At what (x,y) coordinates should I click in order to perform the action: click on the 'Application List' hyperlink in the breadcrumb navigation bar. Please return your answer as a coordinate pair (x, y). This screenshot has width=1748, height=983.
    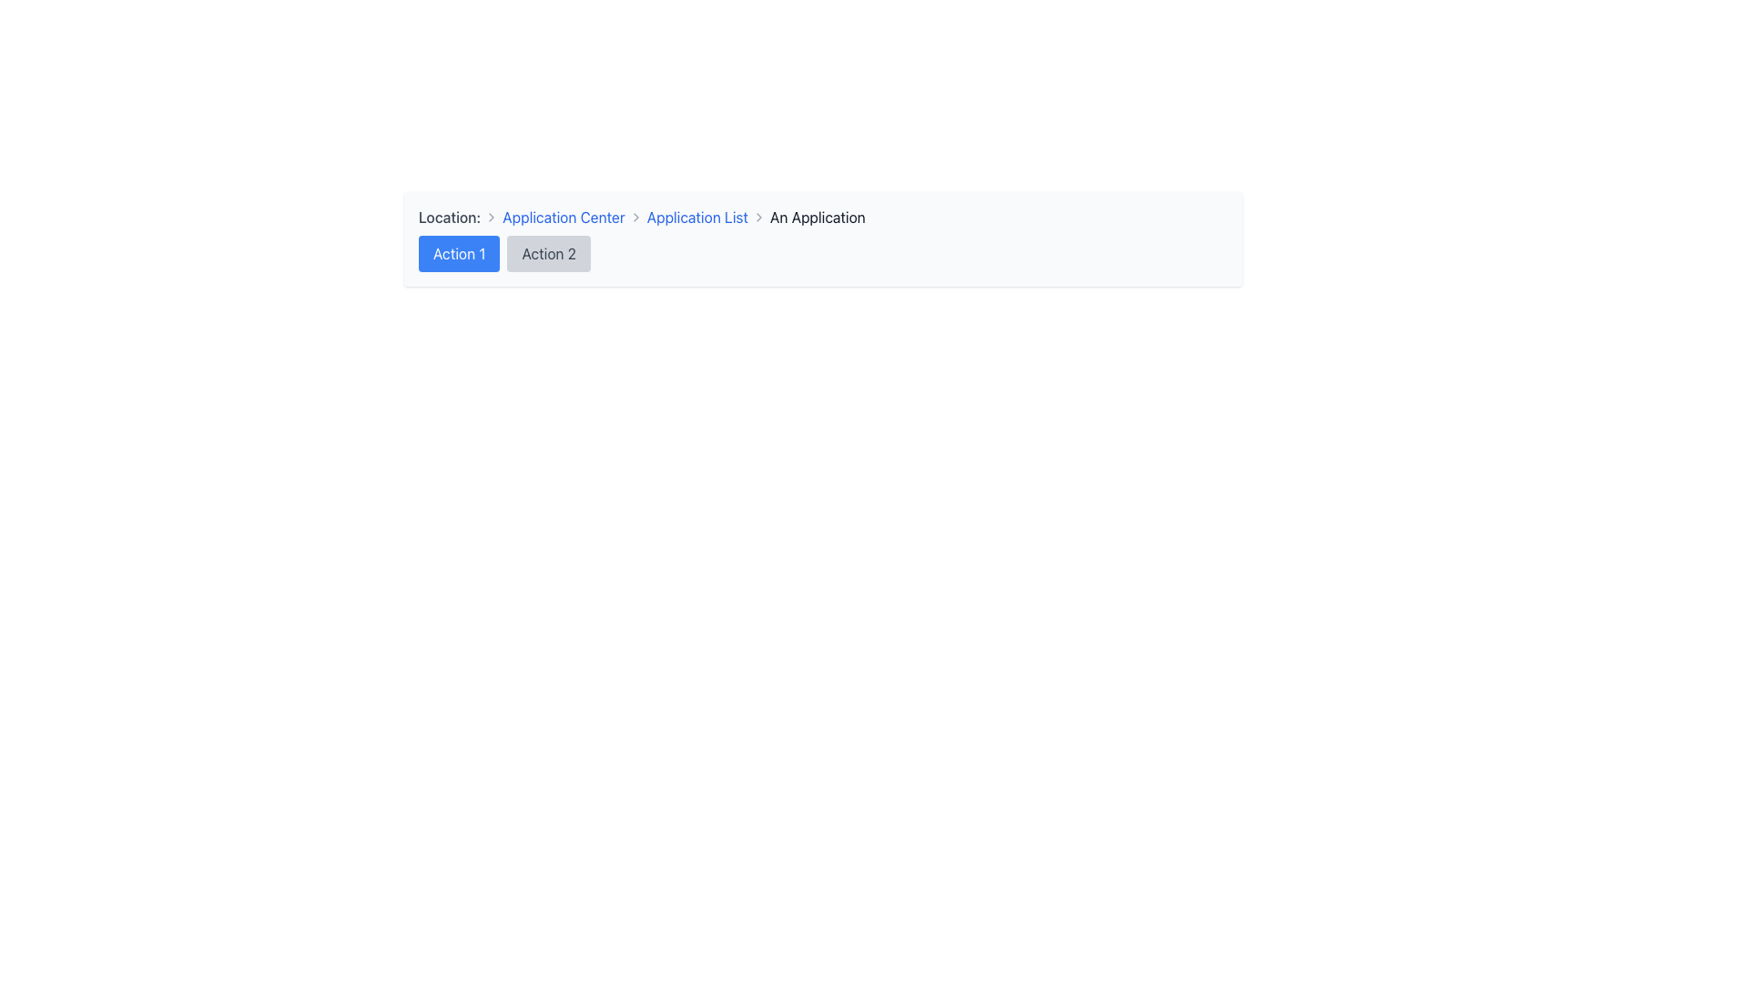
    Looking at the image, I should click on (696, 217).